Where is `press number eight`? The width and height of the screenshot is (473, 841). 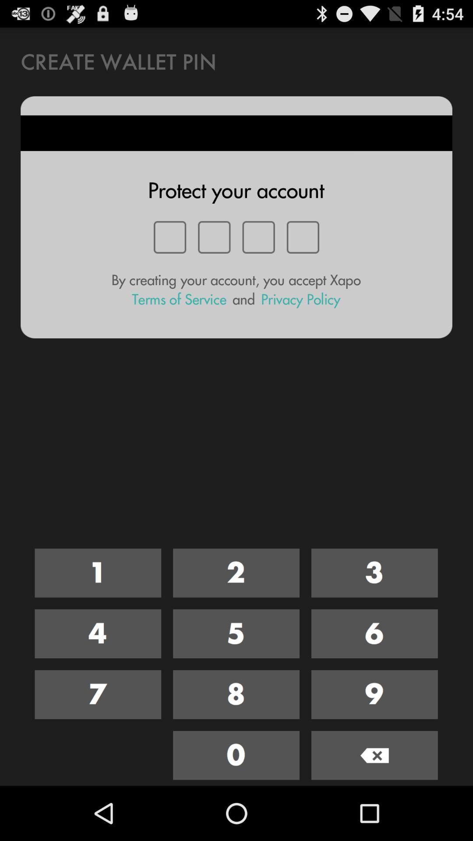
press number eight is located at coordinates (236, 694).